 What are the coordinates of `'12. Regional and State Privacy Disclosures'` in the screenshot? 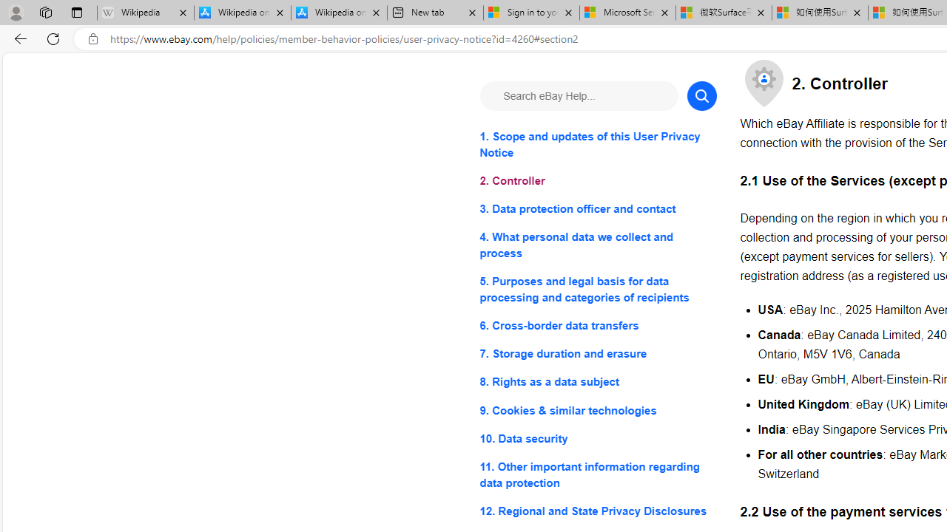 It's located at (598, 510).